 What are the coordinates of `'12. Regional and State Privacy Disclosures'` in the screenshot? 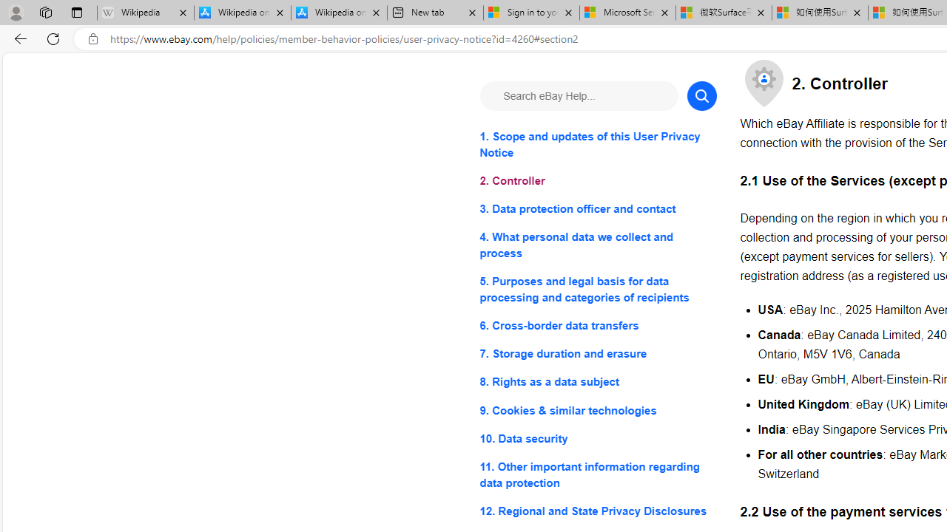 It's located at (598, 510).